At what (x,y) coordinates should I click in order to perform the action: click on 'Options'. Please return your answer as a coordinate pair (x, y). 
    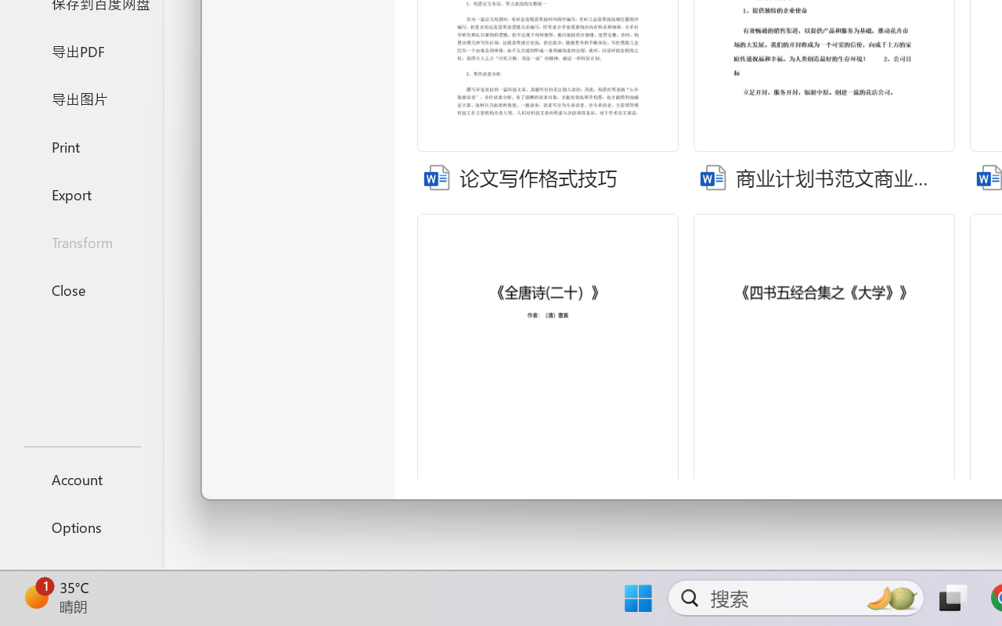
    Looking at the image, I should click on (81, 527).